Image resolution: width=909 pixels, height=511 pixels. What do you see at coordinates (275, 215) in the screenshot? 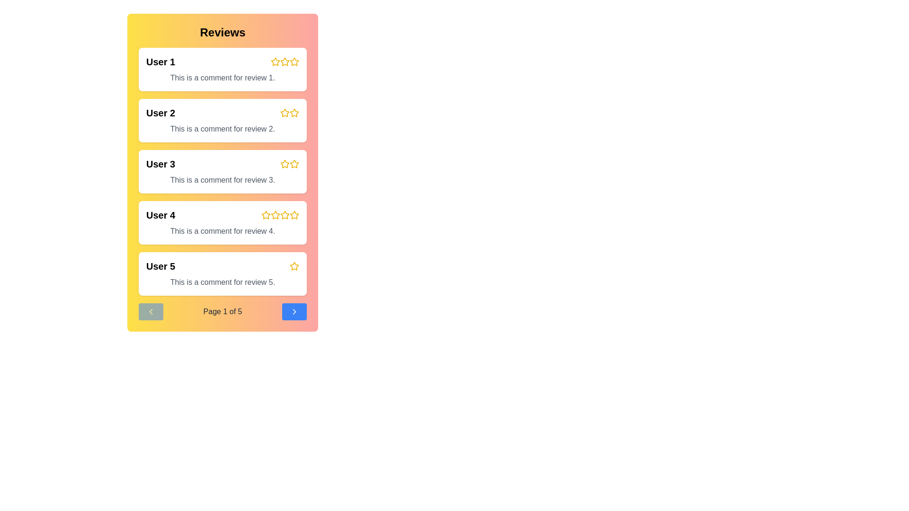
I see `the fourth star icon` at bounding box center [275, 215].